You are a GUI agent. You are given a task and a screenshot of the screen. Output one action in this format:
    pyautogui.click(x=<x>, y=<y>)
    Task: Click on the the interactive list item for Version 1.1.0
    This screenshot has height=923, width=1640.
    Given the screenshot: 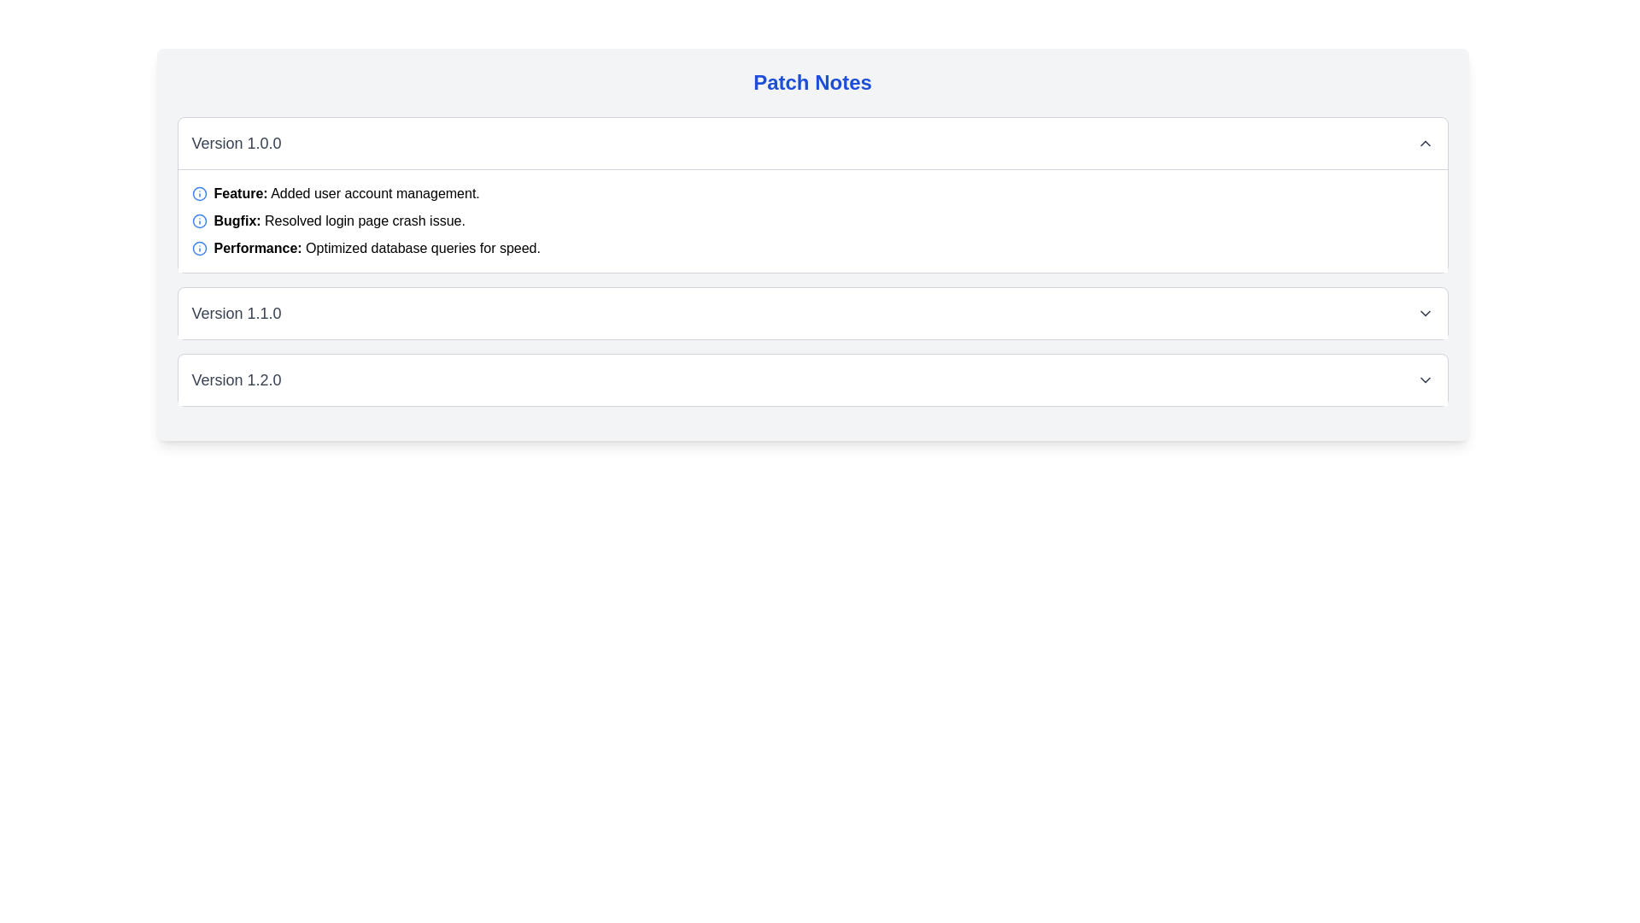 What is the action you would take?
    pyautogui.click(x=811, y=313)
    